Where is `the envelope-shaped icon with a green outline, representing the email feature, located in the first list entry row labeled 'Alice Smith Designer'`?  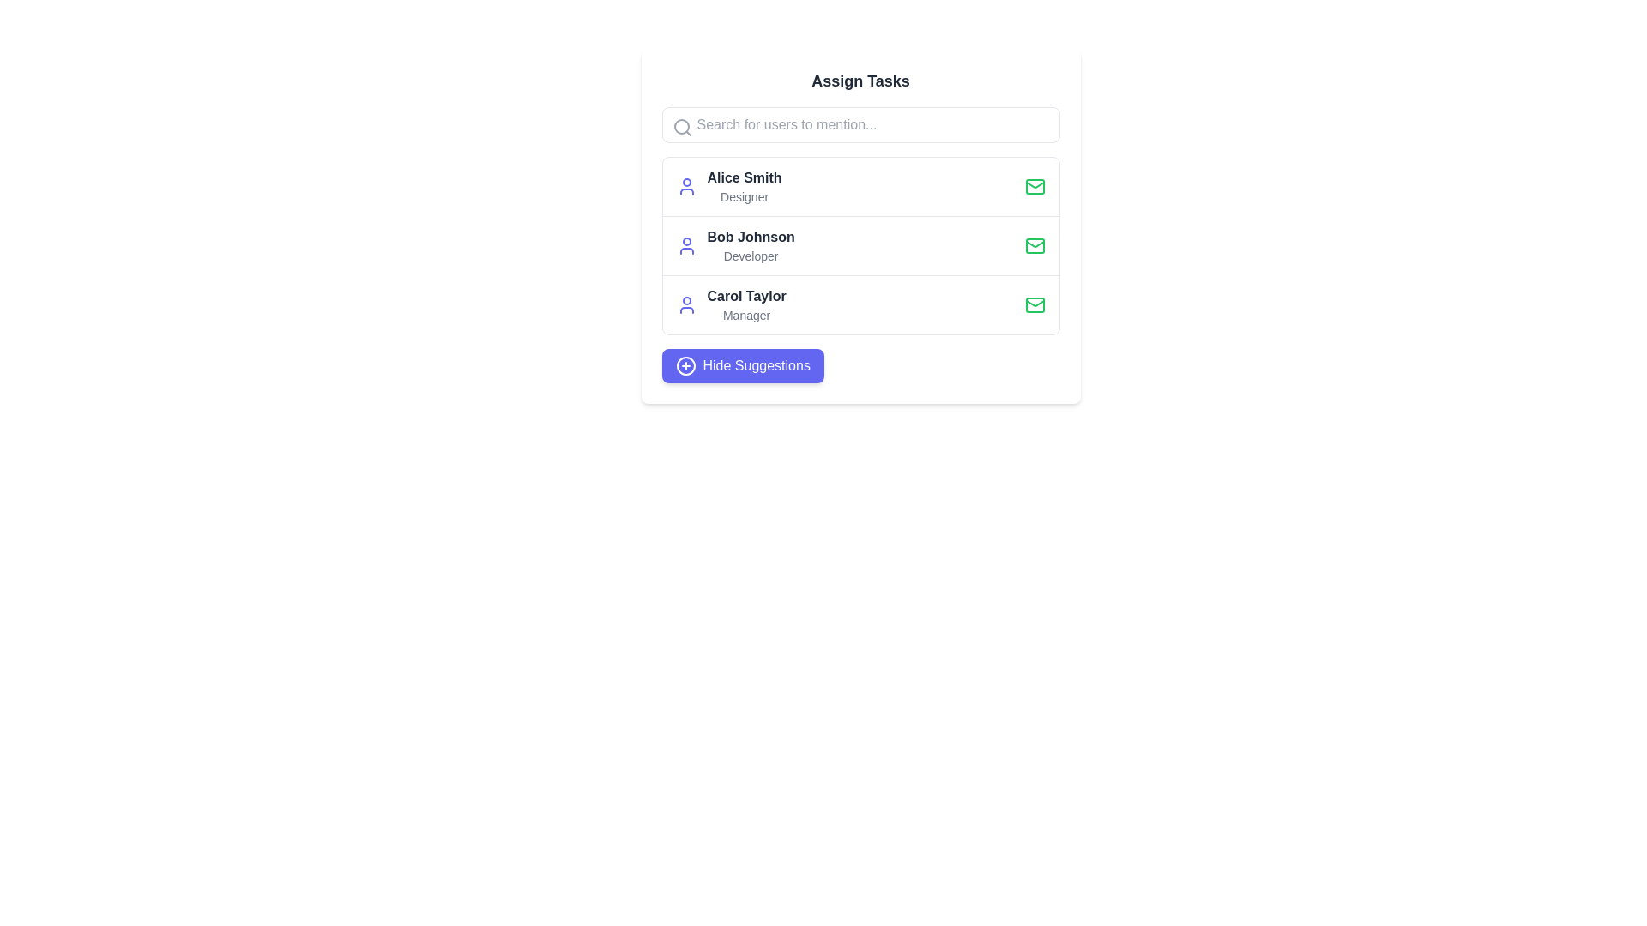 the envelope-shaped icon with a green outline, representing the email feature, located in the first list entry row labeled 'Alice Smith Designer' is located at coordinates (1034, 187).